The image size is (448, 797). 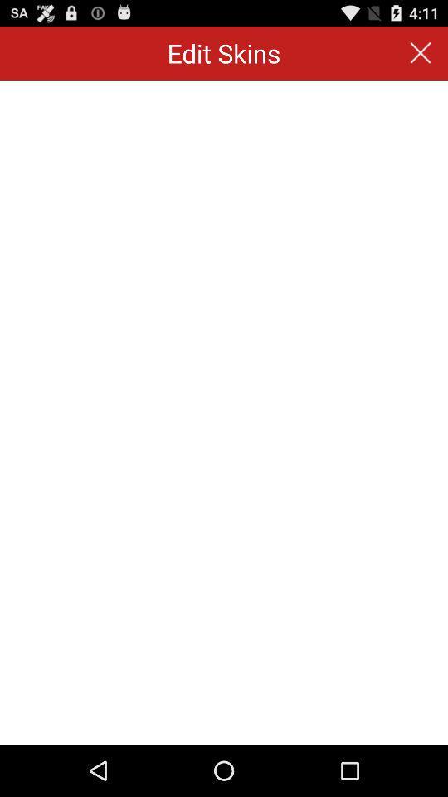 What do you see at coordinates (224, 412) in the screenshot?
I see `icon at the center` at bounding box center [224, 412].